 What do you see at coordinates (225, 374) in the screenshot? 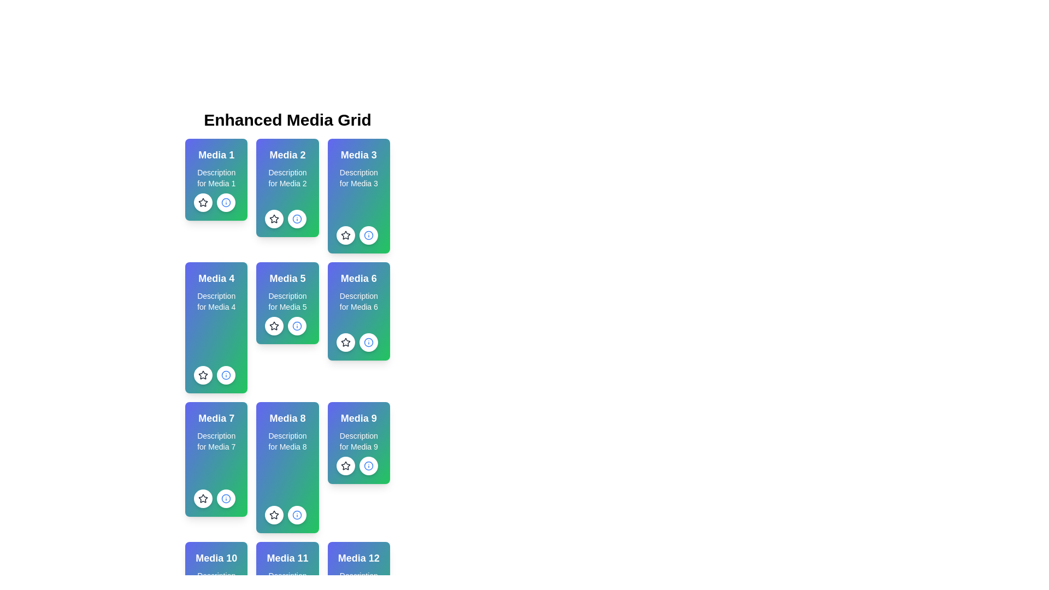
I see `the information button located in the bottom-left corner of the 'Media 4' card` at bounding box center [225, 374].